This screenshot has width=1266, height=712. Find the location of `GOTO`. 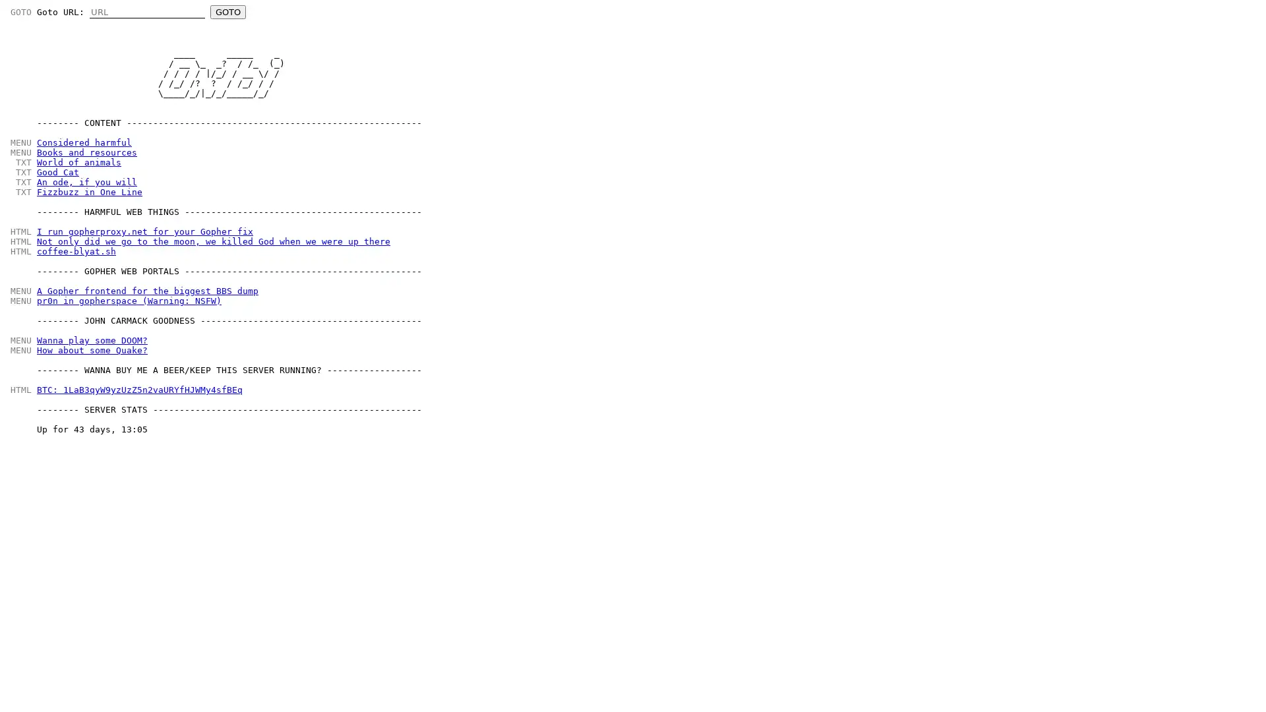

GOTO is located at coordinates (227, 12).